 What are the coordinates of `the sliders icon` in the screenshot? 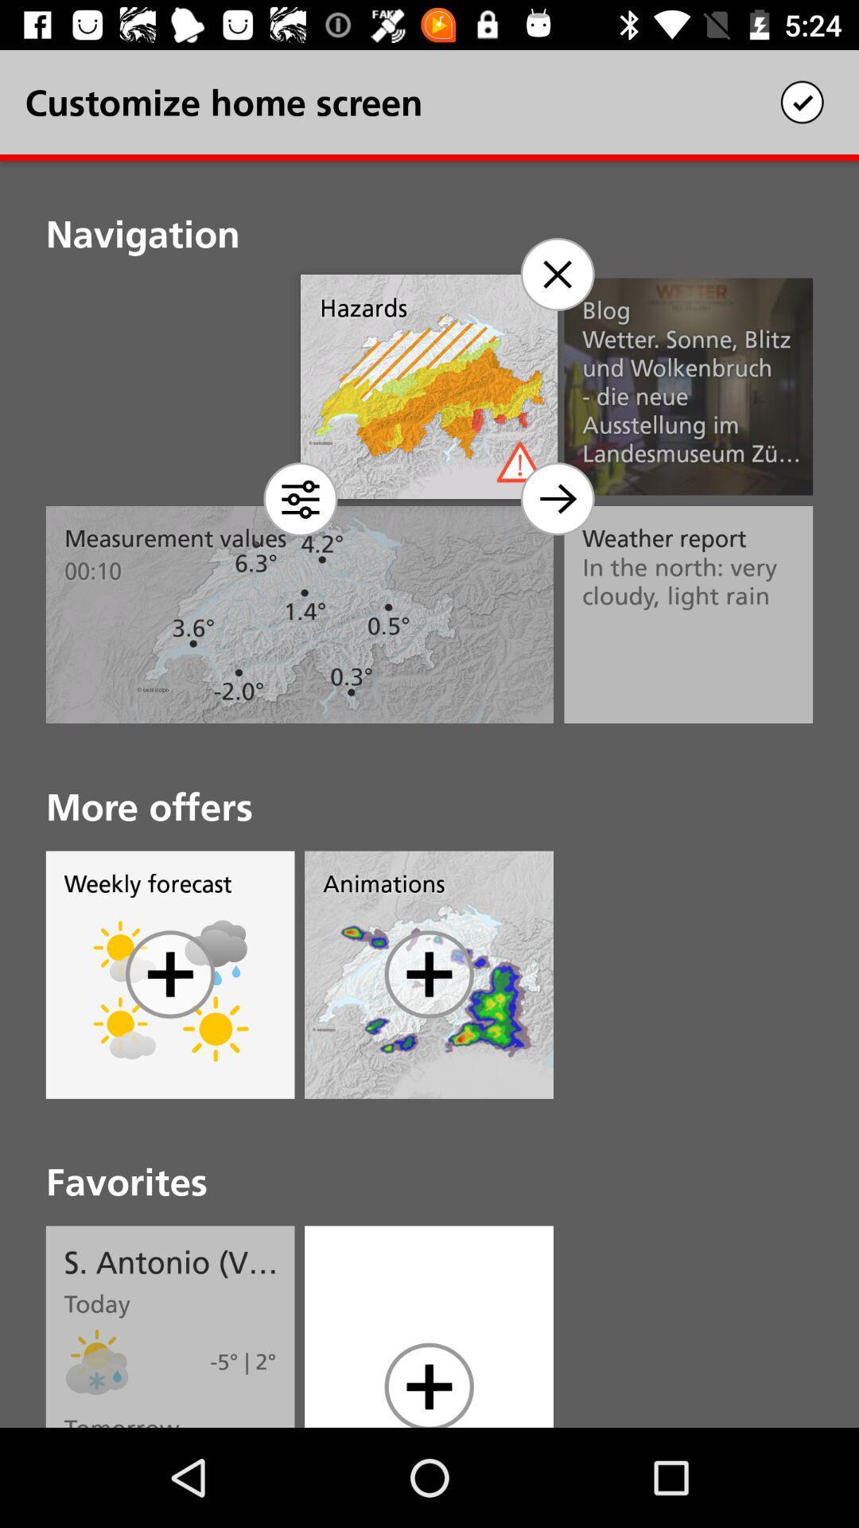 It's located at (301, 498).